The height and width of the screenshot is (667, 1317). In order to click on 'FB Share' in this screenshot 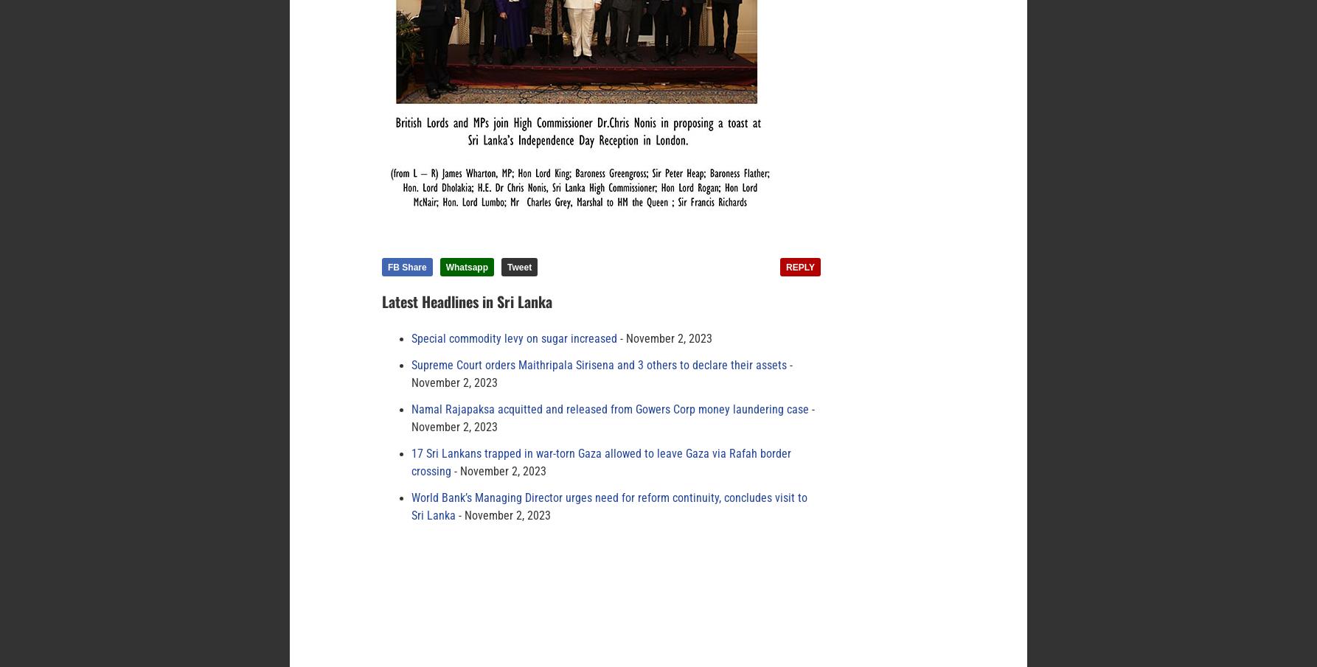, I will do `click(406, 267)`.